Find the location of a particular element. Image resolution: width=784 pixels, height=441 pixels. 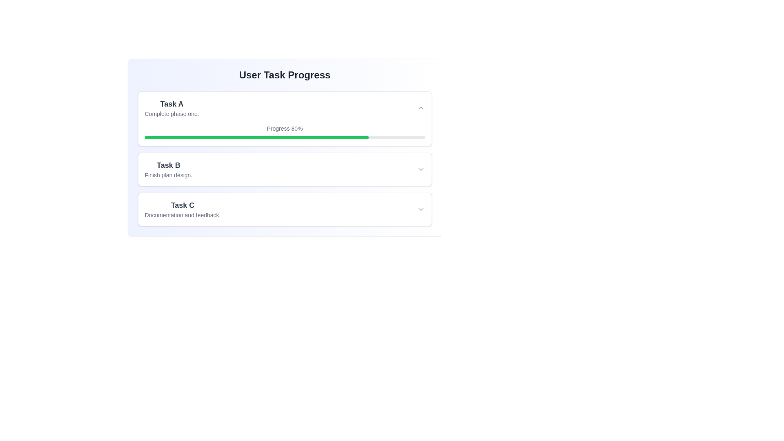

the progress bar indicating 80% completion for 'Task A', located underneath the text 'Progress 80%.' is located at coordinates (285, 137).